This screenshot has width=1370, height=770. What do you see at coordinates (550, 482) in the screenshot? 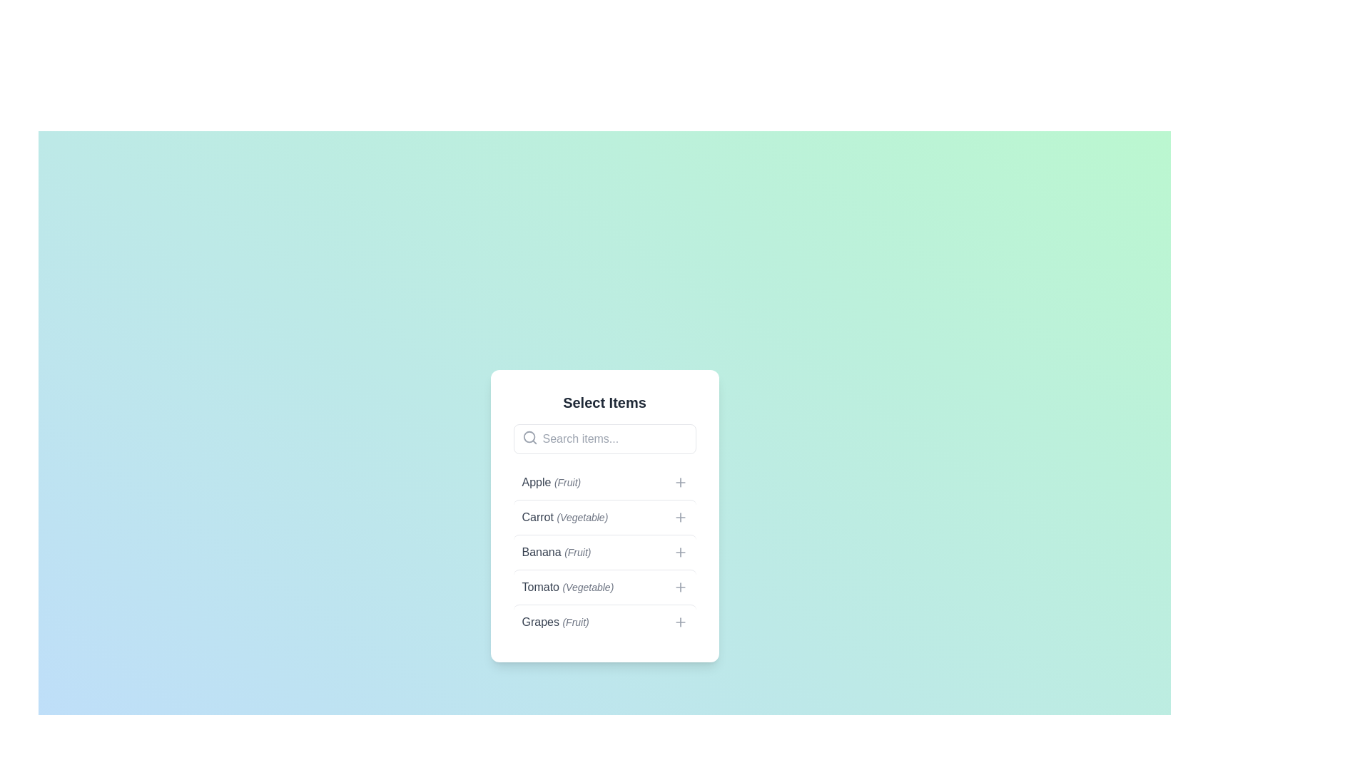
I see `the label identifying 'Apple (Fruit)' in the selection list, which is the first item in a vertical arrangement of menu items` at bounding box center [550, 482].